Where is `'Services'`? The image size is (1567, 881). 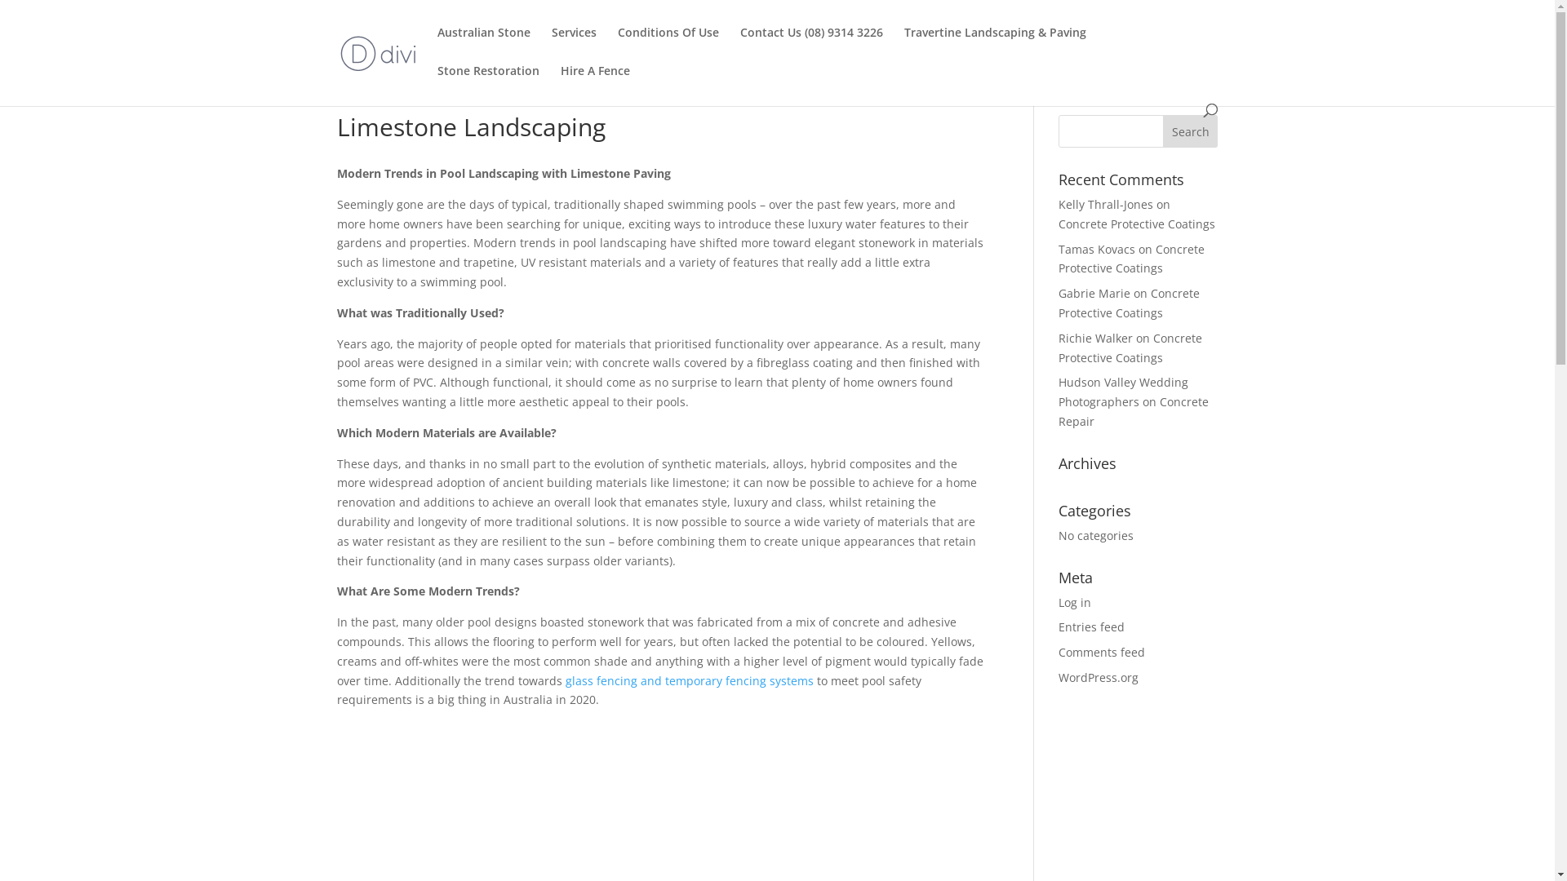
'Services' is located at coordinates (552, 45).